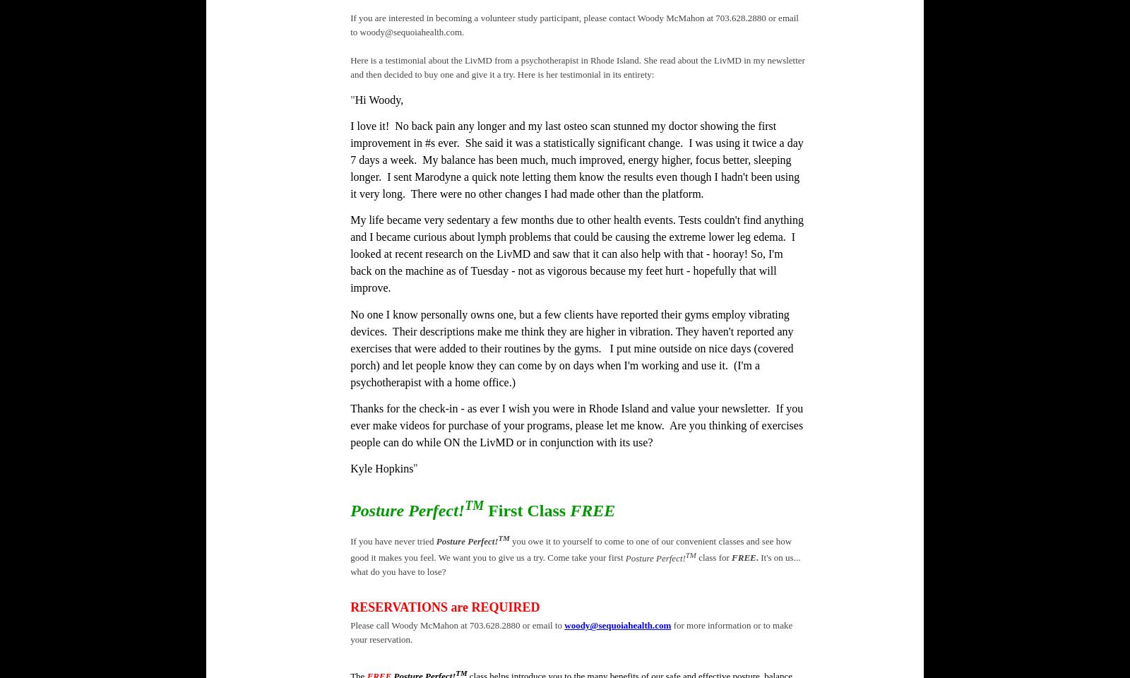 The height and width of the screenshot is (678, 1130). Describe the element at coordinates (392, 540) in the screenshot. I see `'If you have never tried'` at that location.